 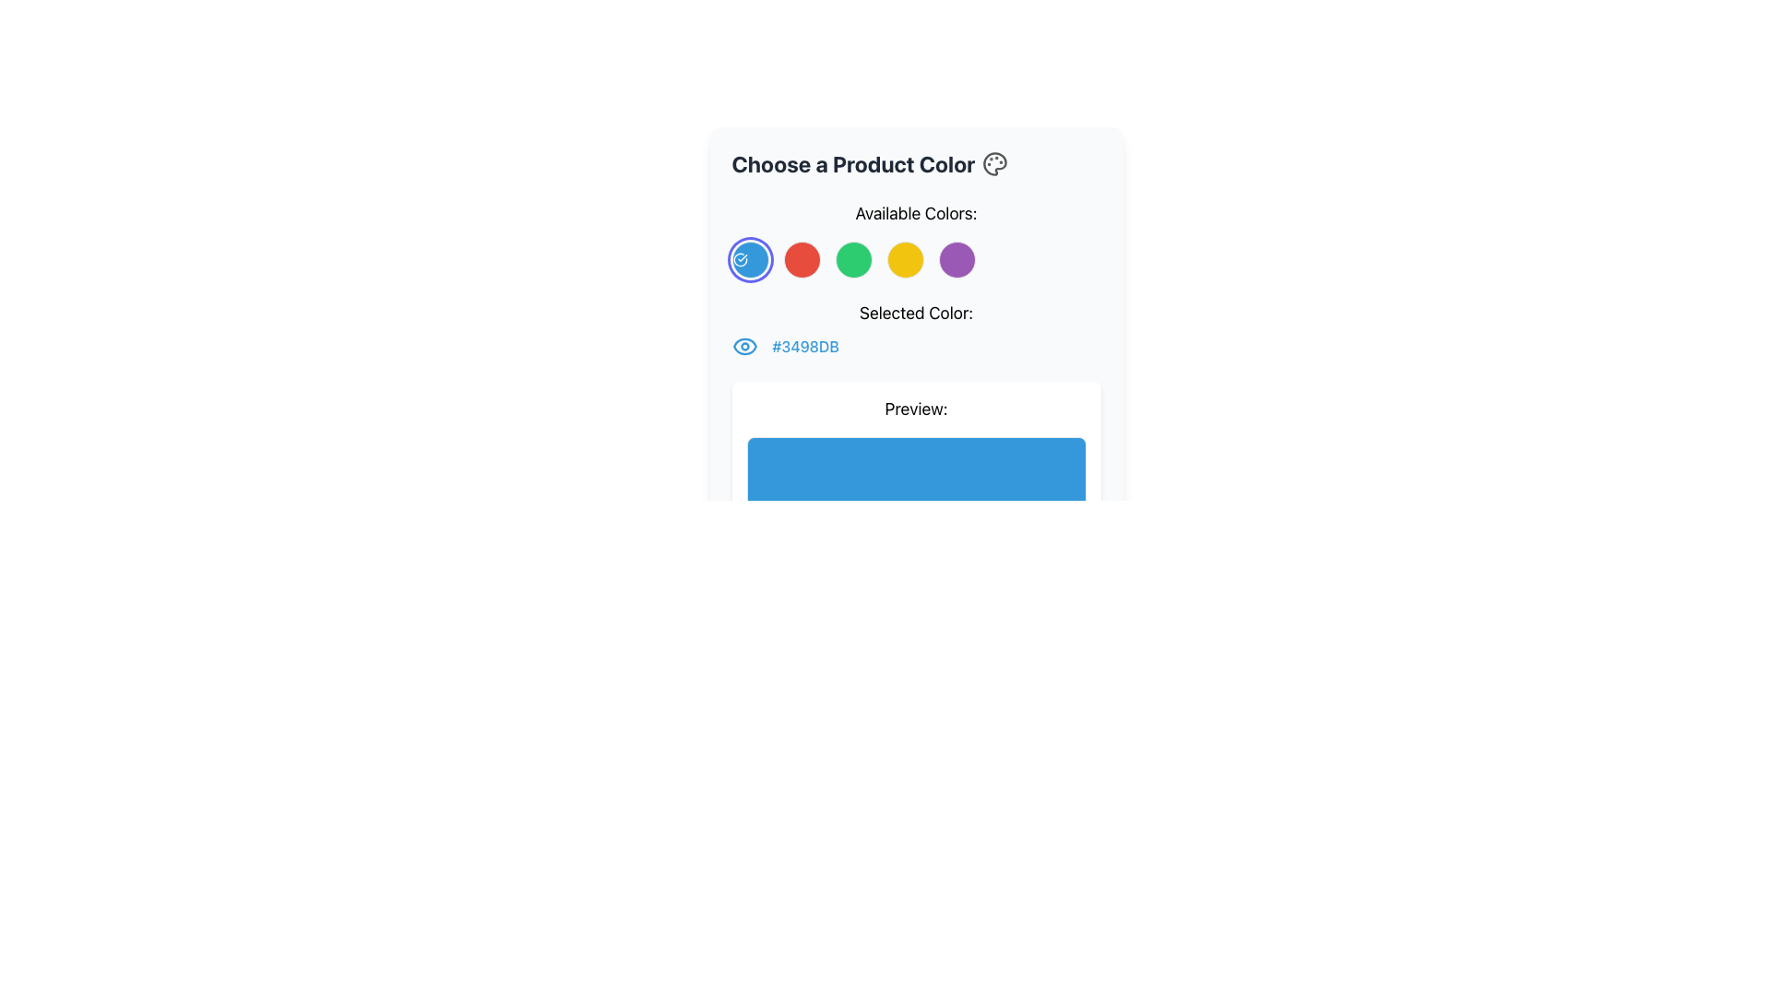 I want to click on the static text displaying the hexadecimal color code '#3498DB' located in the 'Selected Color' section, positioned immediately to the right of an eye icon, so click(x=805, y=346).